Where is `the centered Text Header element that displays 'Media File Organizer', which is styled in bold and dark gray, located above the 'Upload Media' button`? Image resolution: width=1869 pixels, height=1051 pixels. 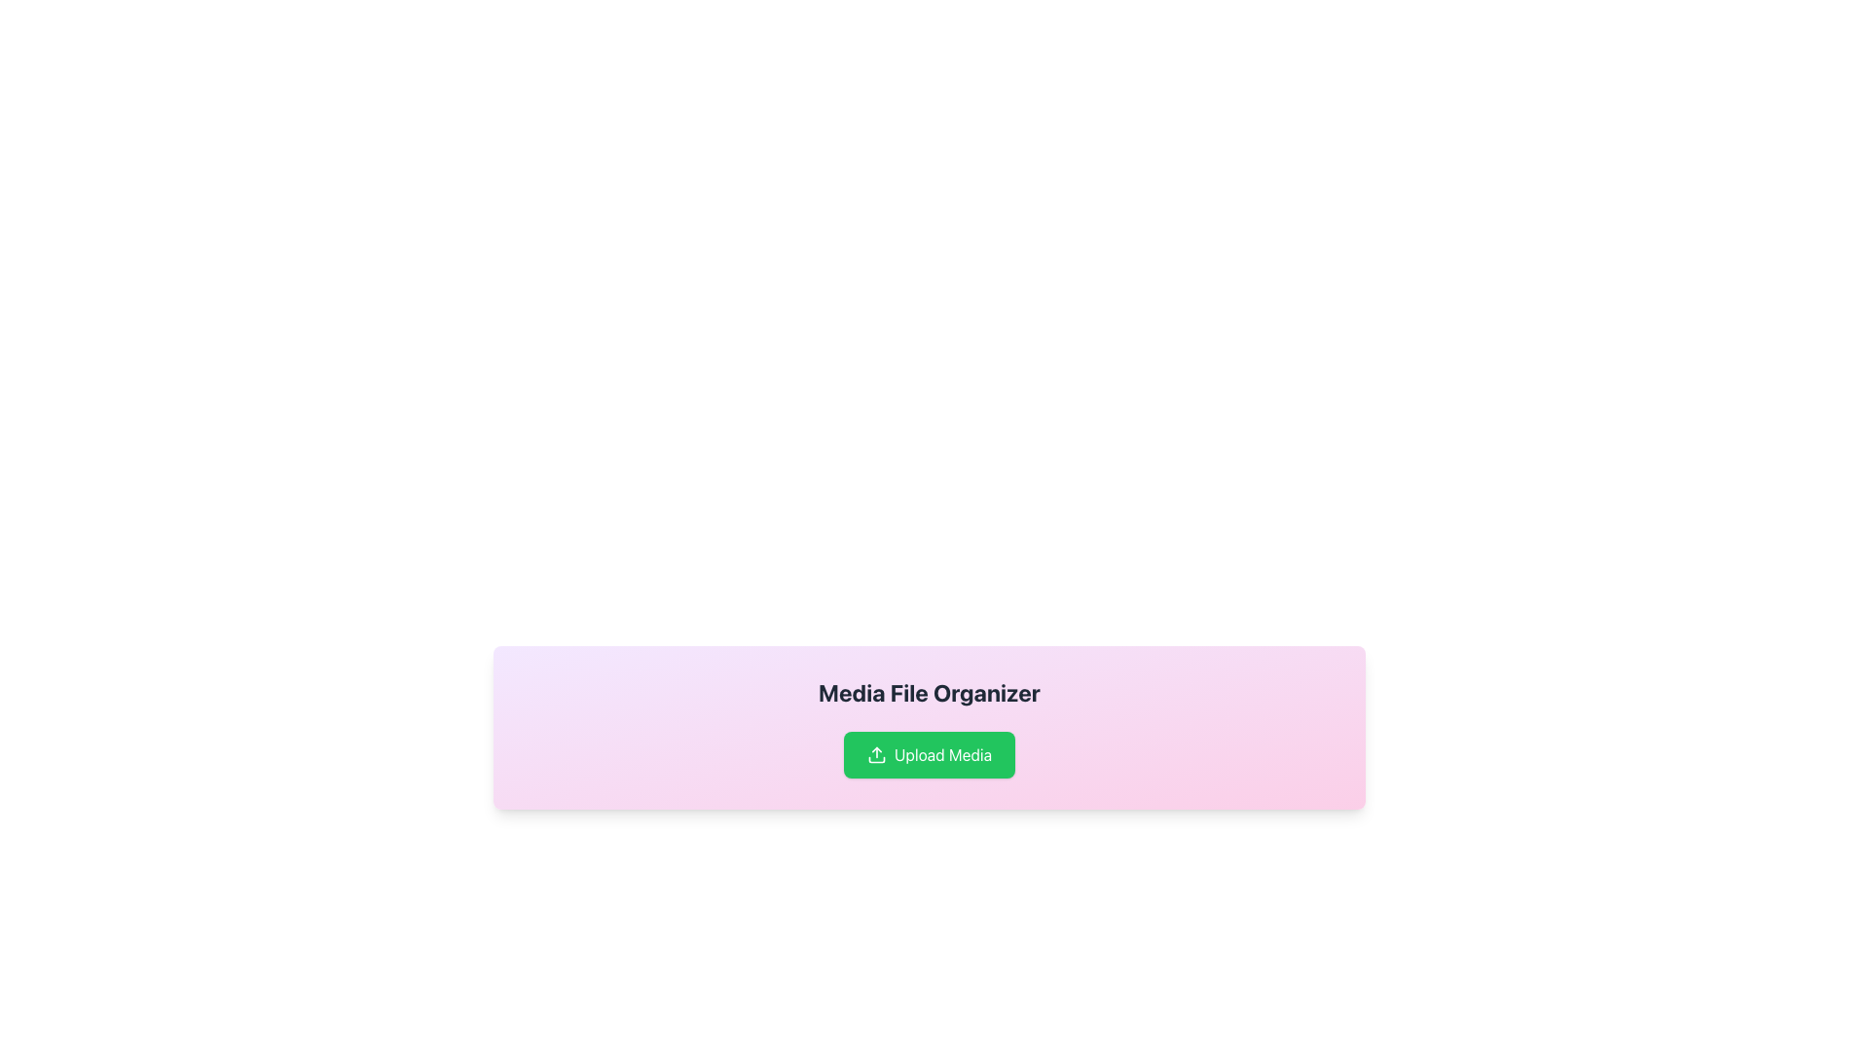
the centered Text Header element that displays 'Media File Organizer', which is styled in bold and dark gray, located above the 'Upload Media' button is located at coordinates (929, 692).